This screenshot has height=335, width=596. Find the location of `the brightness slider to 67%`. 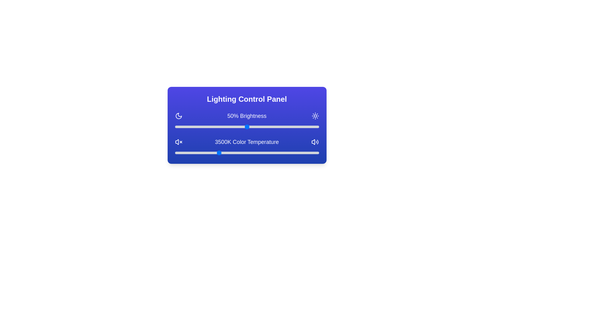

the brightness slider to 67% is located at coordinates (271, 126).